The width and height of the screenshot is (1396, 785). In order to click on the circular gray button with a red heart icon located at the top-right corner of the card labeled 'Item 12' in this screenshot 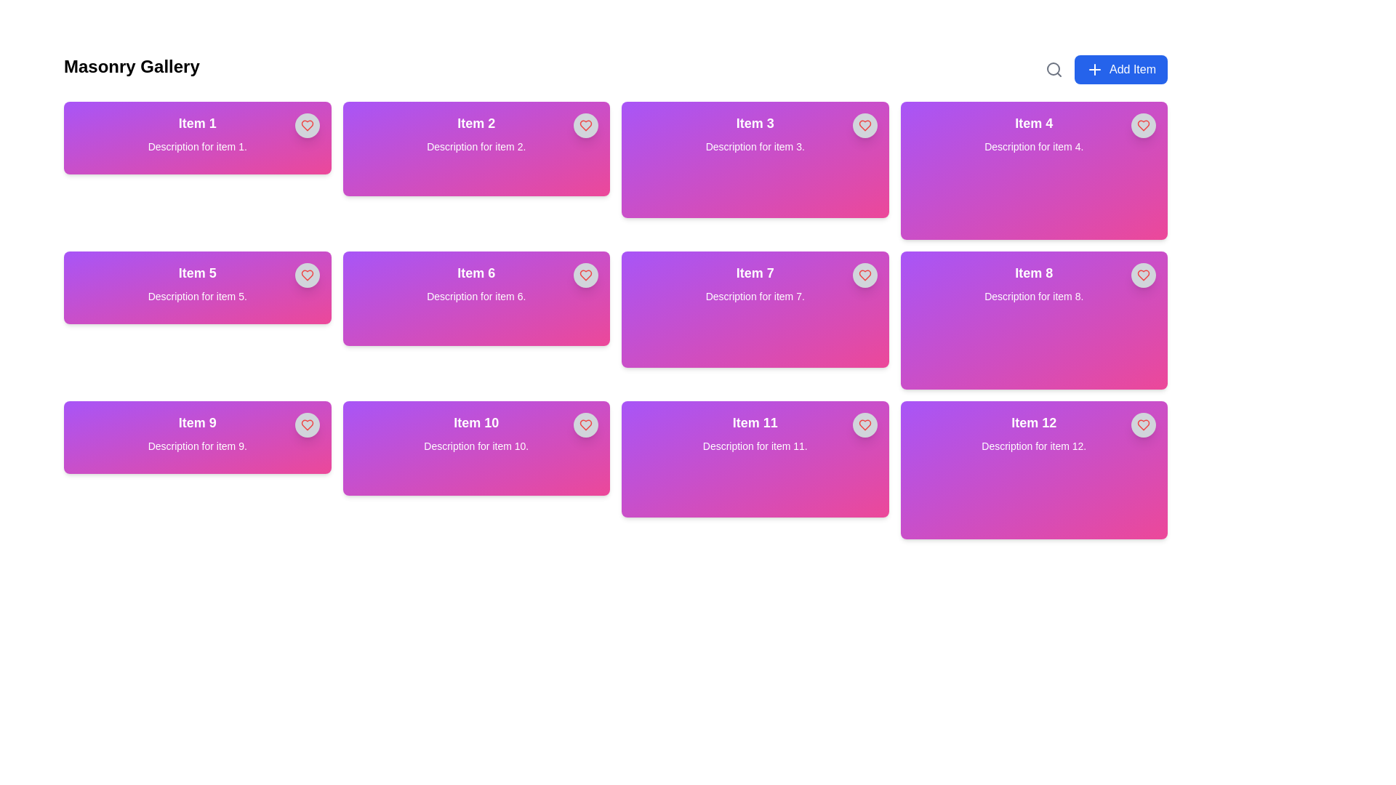, I will do `click(1143, 425)`.